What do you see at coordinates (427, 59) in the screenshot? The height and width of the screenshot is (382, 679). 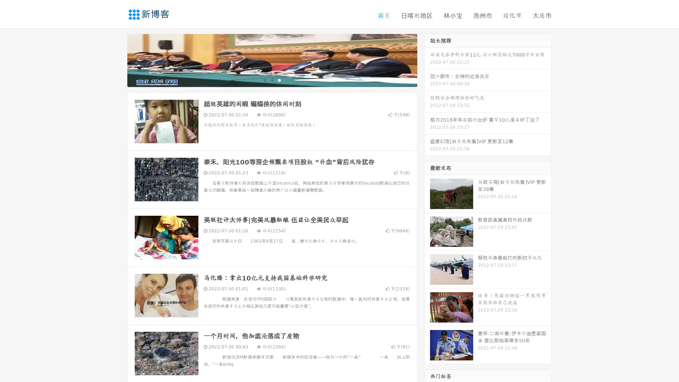 I see `Next slide` at bounding box center [427, 59].